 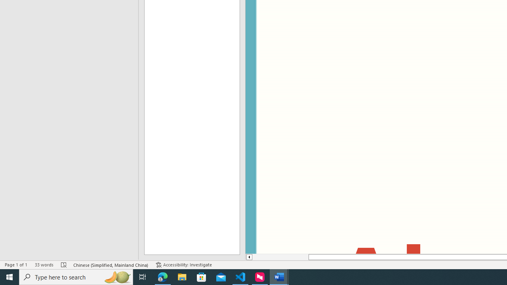 I want to click on 'Language Chinese (Simplified, Mainland China)', so click(x=111, y=265).